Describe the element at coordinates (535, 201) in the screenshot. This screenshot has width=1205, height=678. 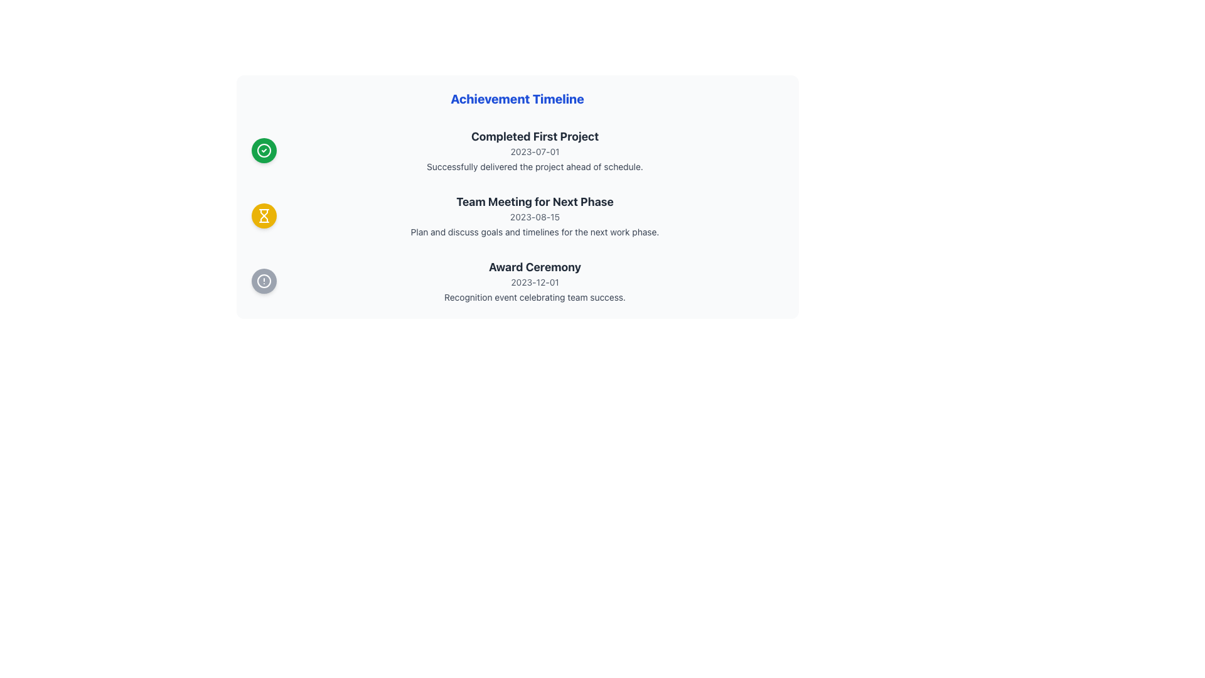
I see `the Text Label displaying 'Team Meeting for Next Phase', which is centrally located above the date '2023-08-15' and below 'Achievement Timeline'` at that location.